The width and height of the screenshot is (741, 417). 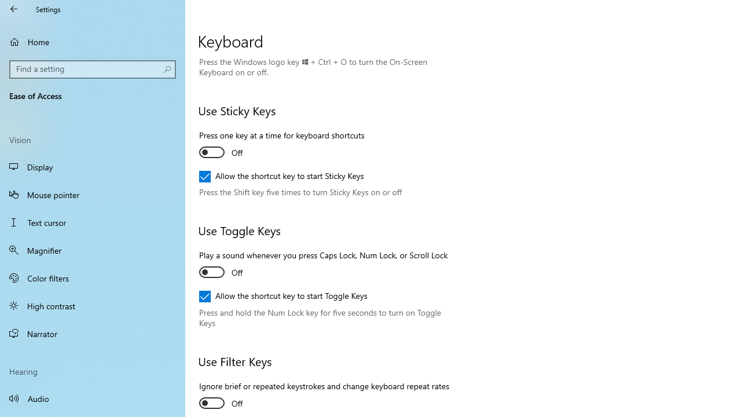 What do you see at coordinates (93, 41) in the screenshot?
I see `'Home'` at bounding box center [93, 41].